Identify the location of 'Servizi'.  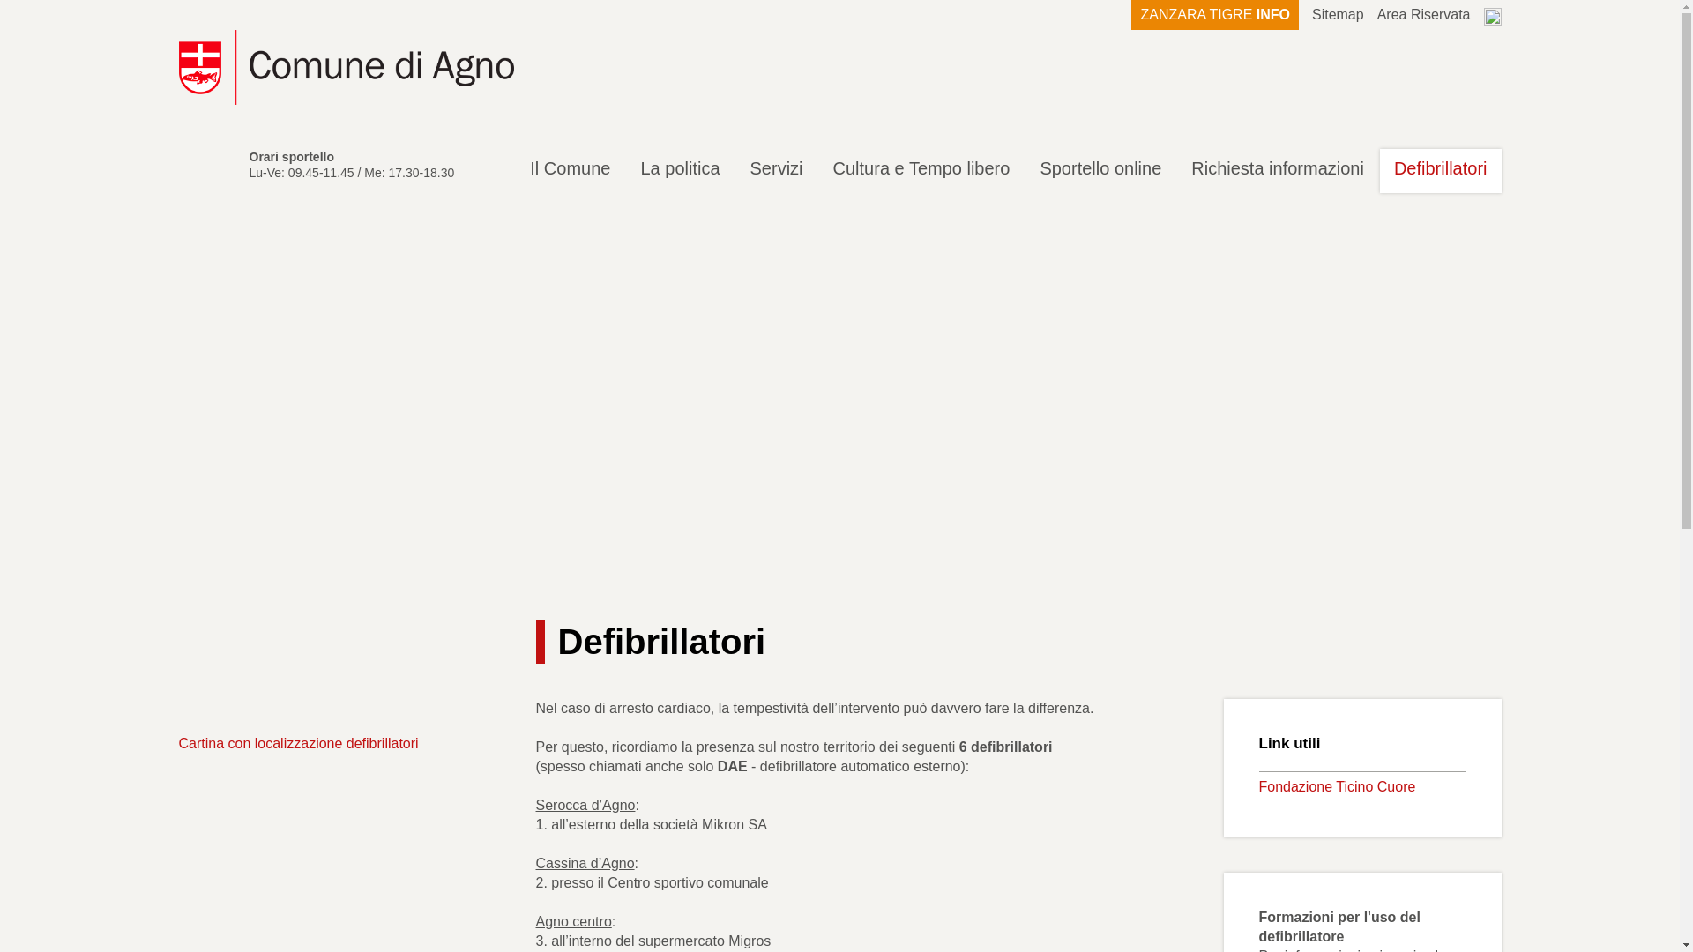
(776, 170).